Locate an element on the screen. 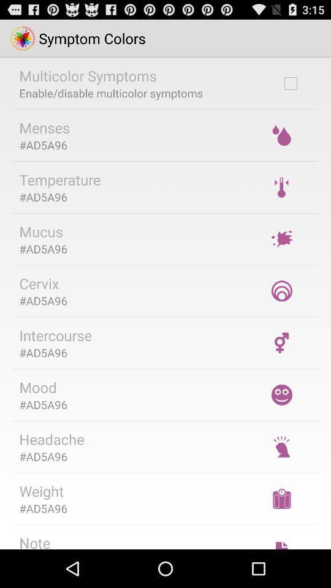  the item below the #ad5a96 icon is located at coordinates (41, 231).